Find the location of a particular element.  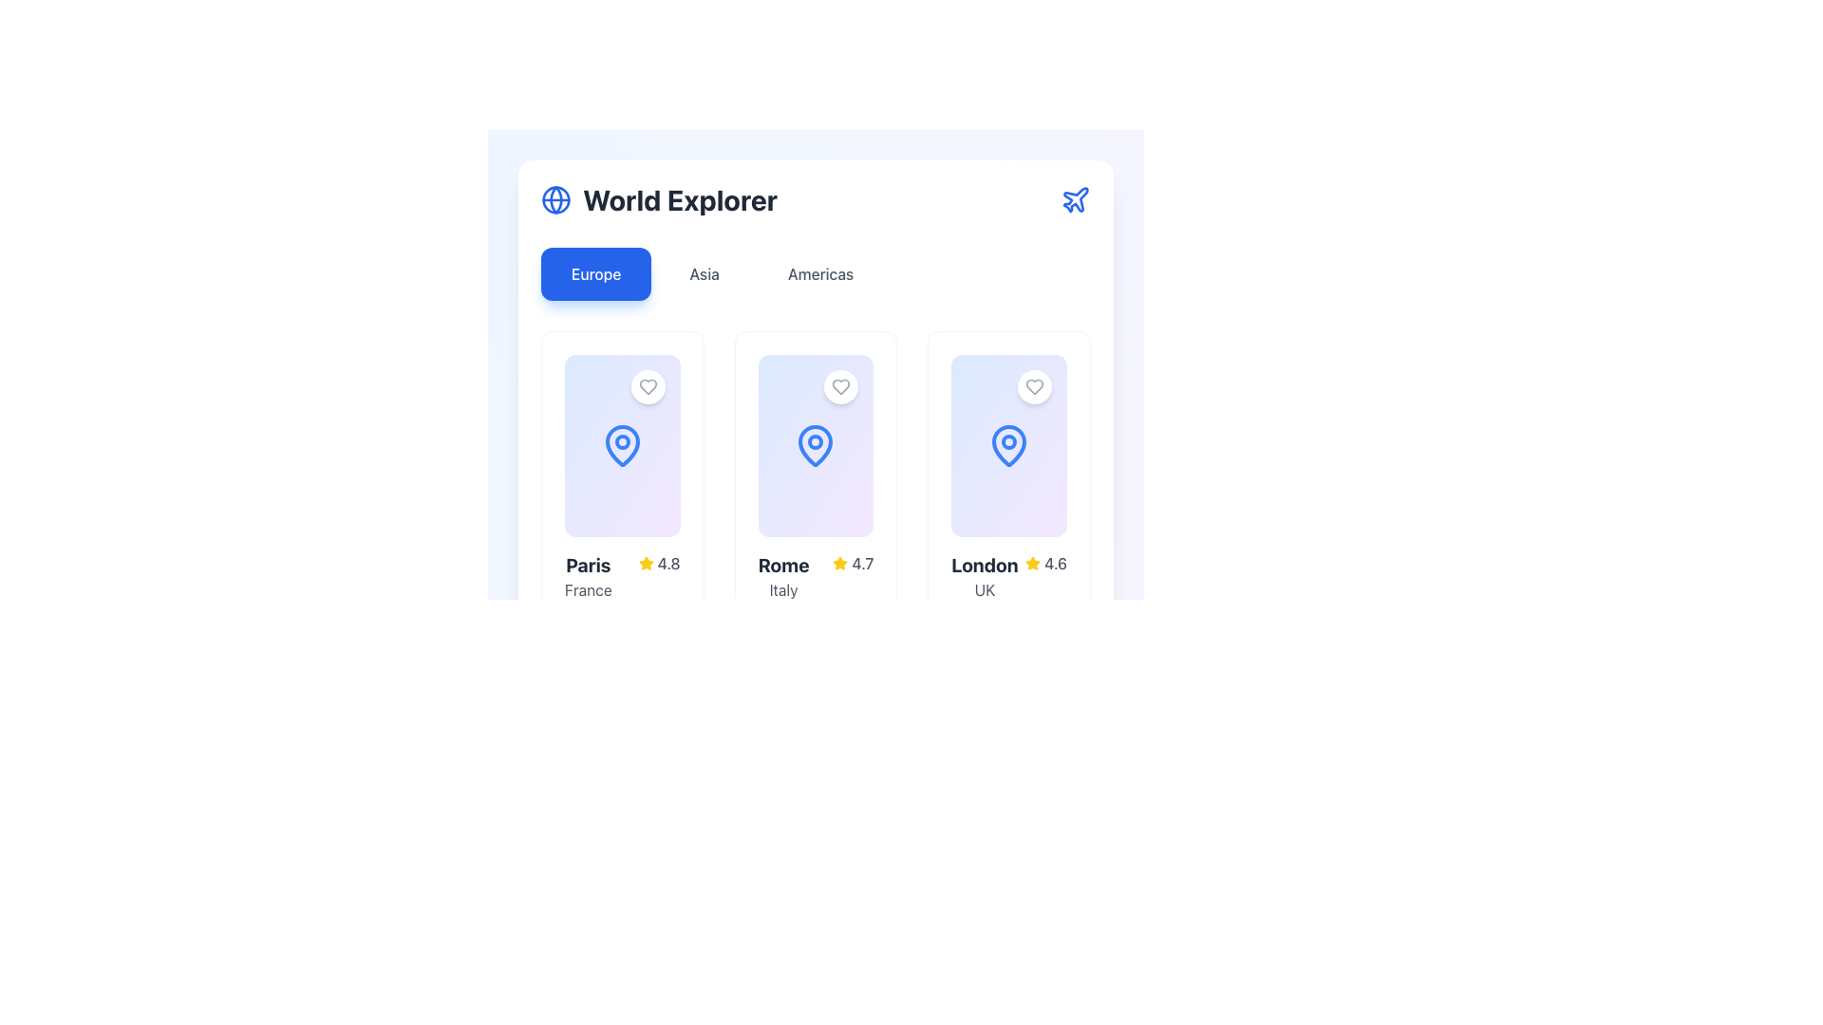

the textual rating display that reads '4.7' in gray font, located in the middle card labeled 'Rome', near a yellow star icon is located at coordinates (861, 563).